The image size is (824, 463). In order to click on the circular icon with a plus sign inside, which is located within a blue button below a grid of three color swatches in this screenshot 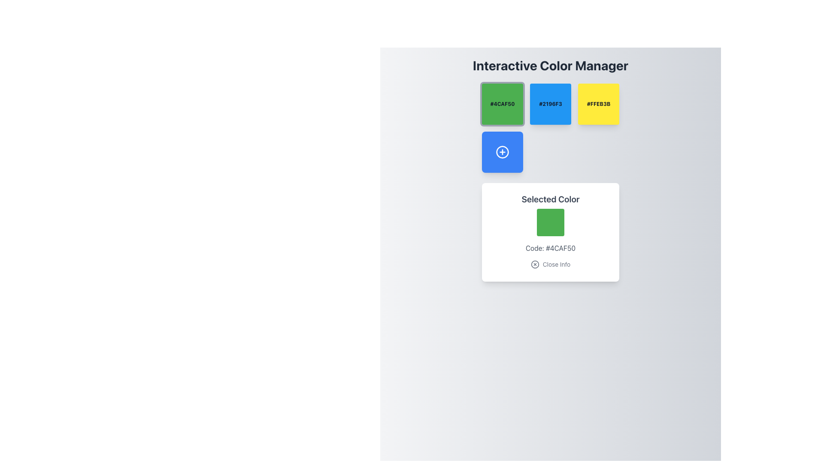, I will do `click(503, 151)`.